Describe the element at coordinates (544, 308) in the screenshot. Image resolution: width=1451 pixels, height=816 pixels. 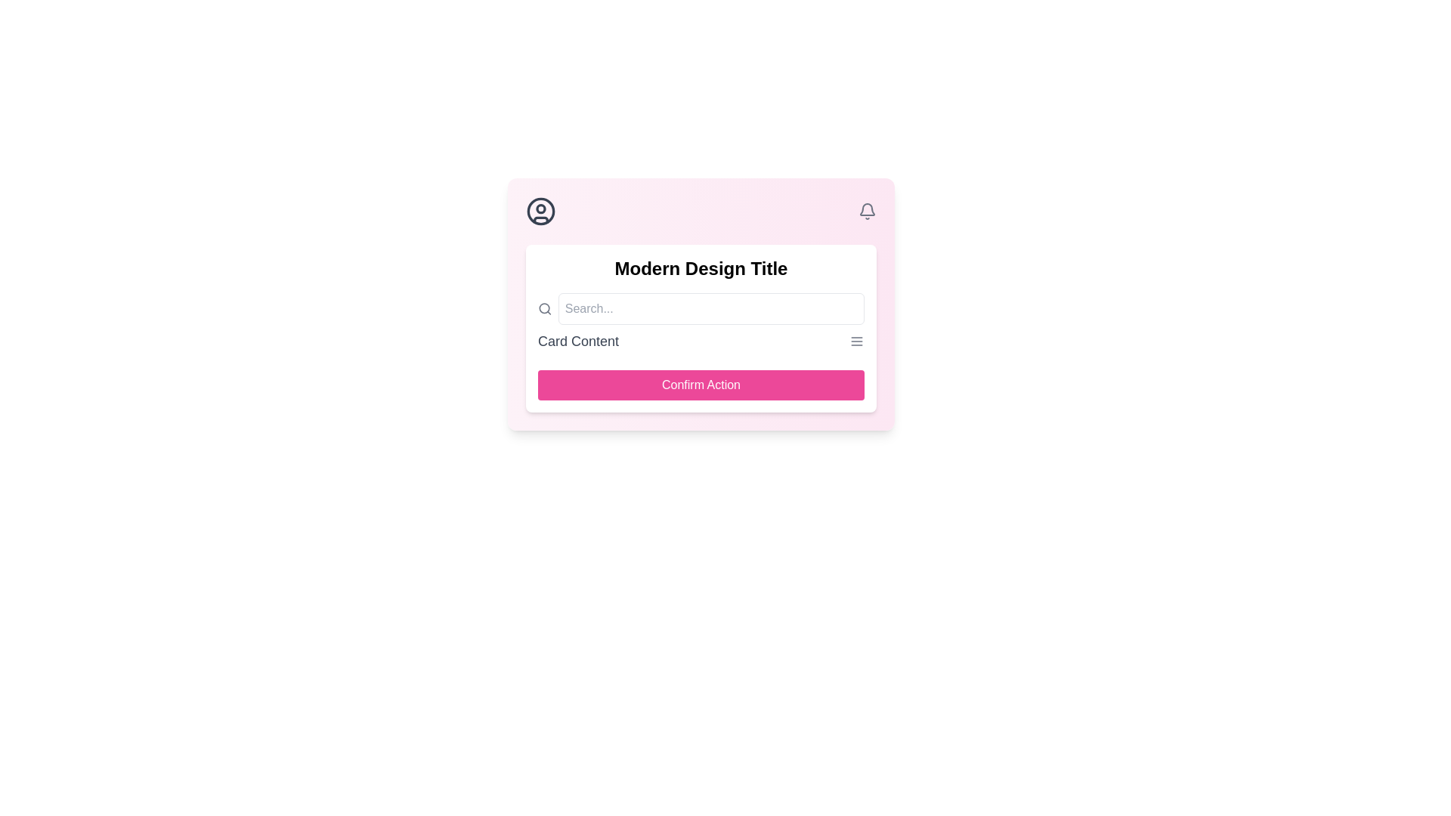
I see `the circular search icon, which is part of the magnifying glass design located in the search bar below the title 'Modern Design Title'` at that location.